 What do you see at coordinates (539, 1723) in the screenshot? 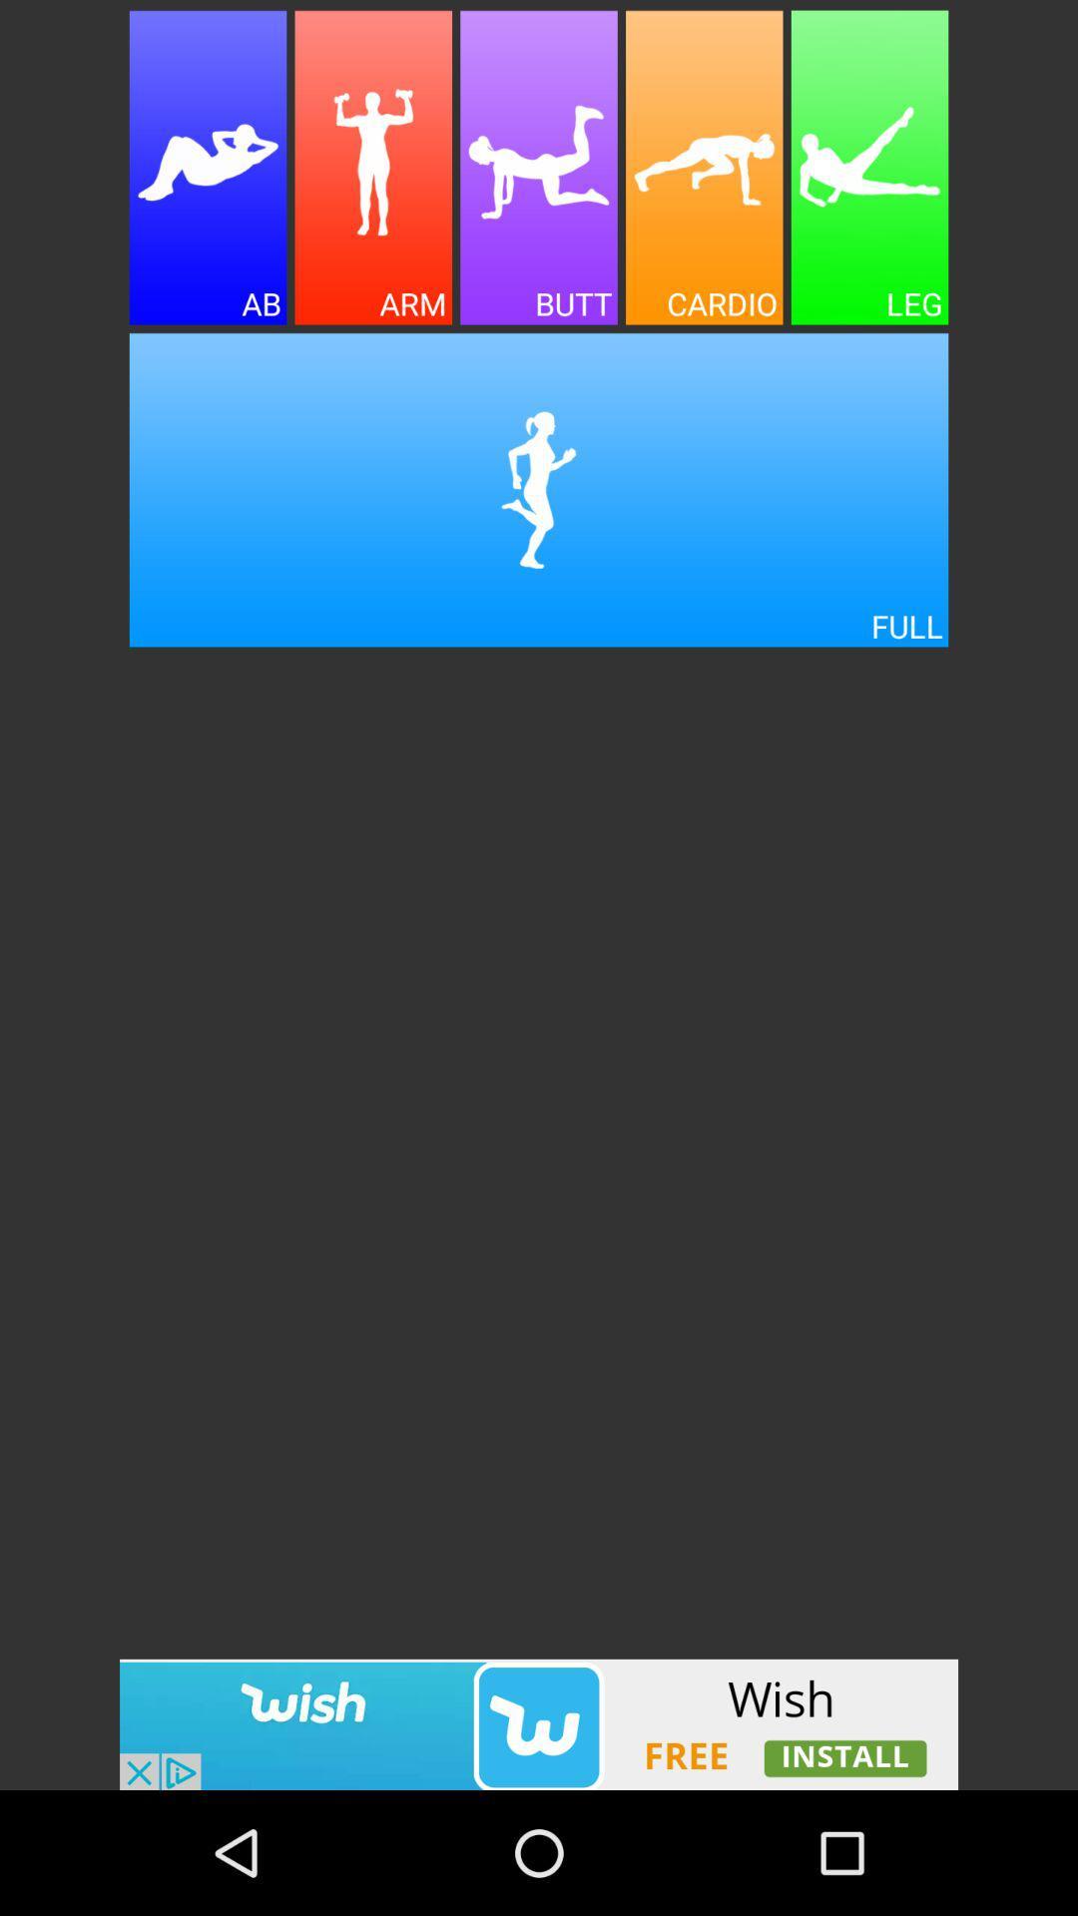
I see `advertisement` at bounding box center [539, 1723].